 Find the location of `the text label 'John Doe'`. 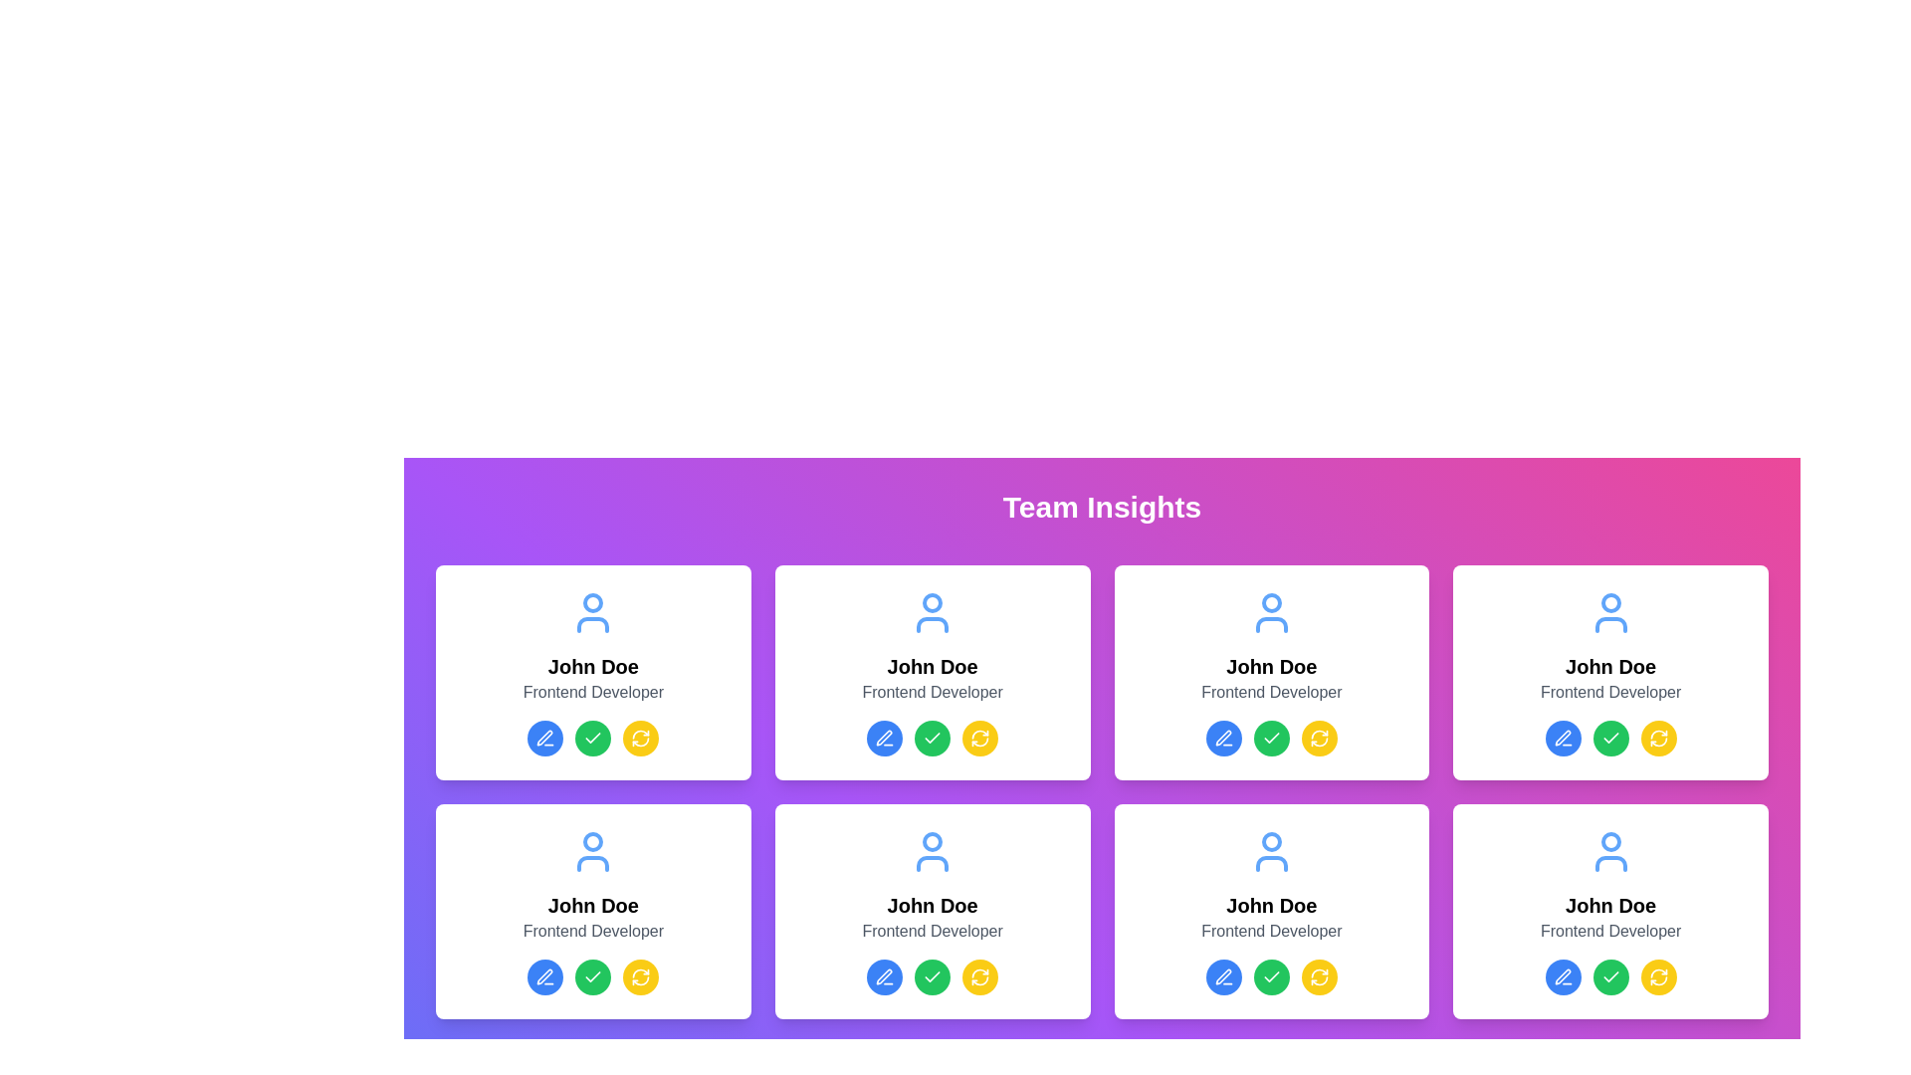

the text label 'John Doe' is located at coordinates (932, 667).